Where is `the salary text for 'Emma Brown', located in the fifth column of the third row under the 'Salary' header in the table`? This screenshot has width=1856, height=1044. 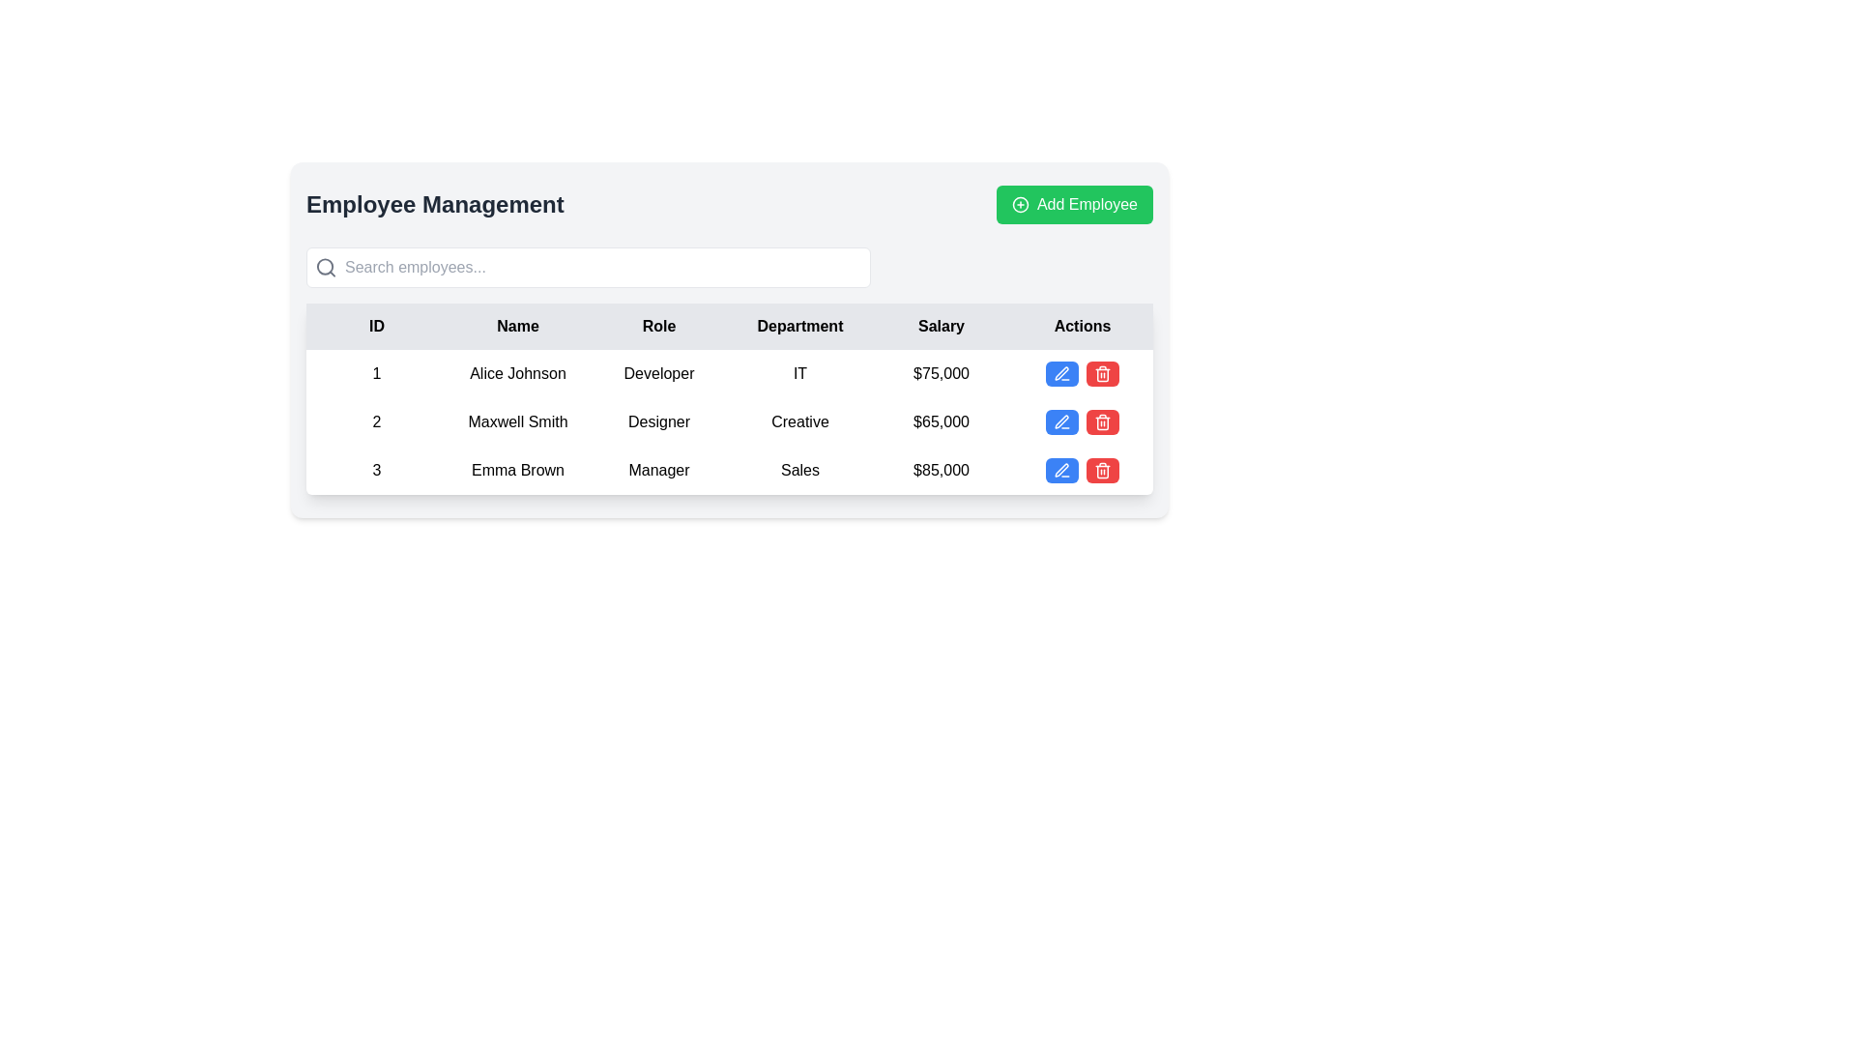 the salary text for 'Emma Brown', located in the fifth column of the third row under the 'Salary' header in the table is located at coordinates (942, 470).